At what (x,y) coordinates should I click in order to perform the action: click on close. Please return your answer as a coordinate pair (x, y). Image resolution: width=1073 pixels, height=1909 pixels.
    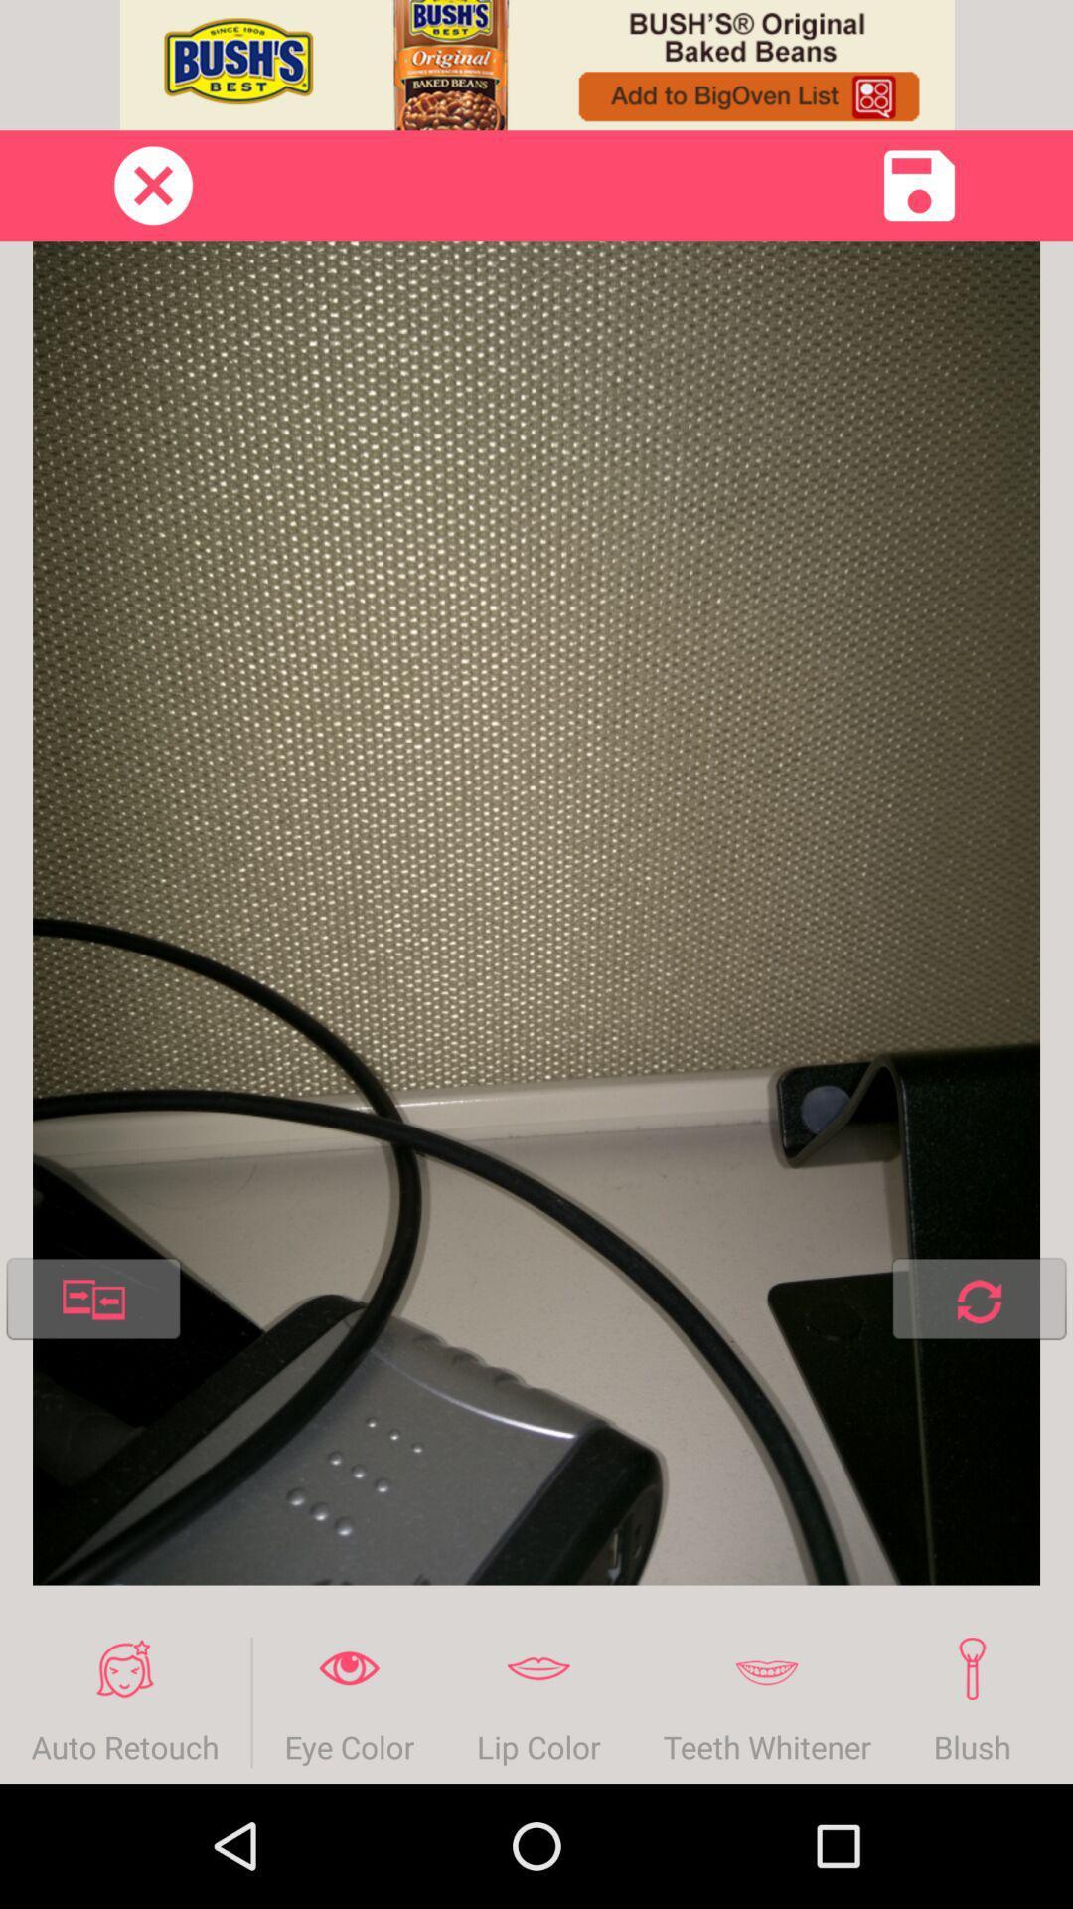
    Looking at the image, I should click on (152, 185).